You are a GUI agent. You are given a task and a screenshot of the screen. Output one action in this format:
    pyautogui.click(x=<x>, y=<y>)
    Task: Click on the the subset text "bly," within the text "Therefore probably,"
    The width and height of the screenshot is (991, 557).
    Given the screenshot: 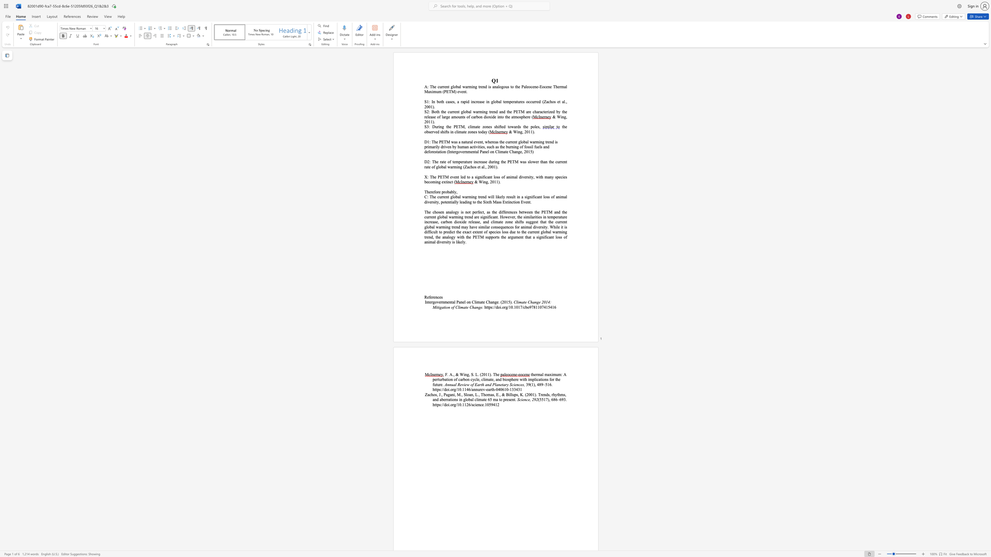 What is the action you would take?
    pyautogui.click(x=450, y=191)
    